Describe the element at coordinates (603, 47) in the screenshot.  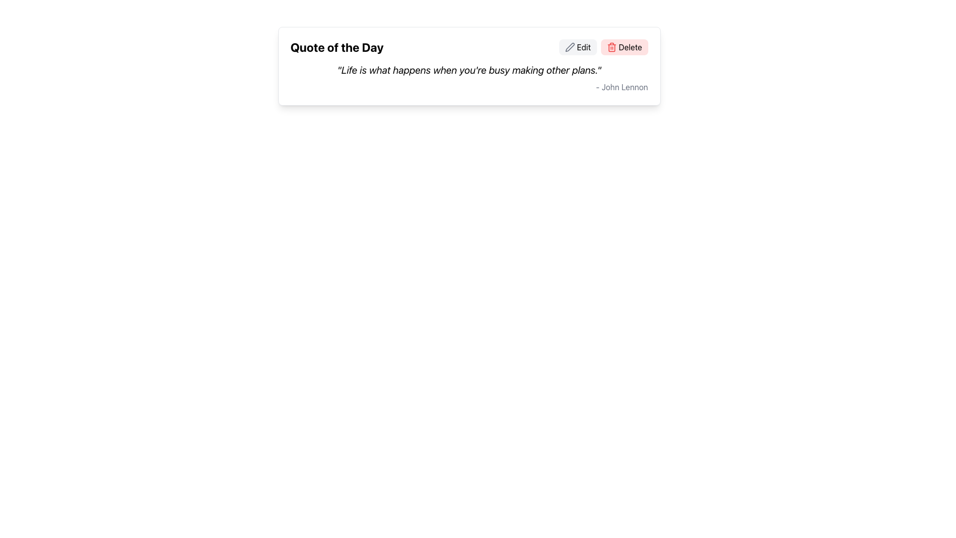
I see `the 'Delete' button located in the upper-right section of the interface, following the 'Edit' button, to visualize hover effects` at that location.